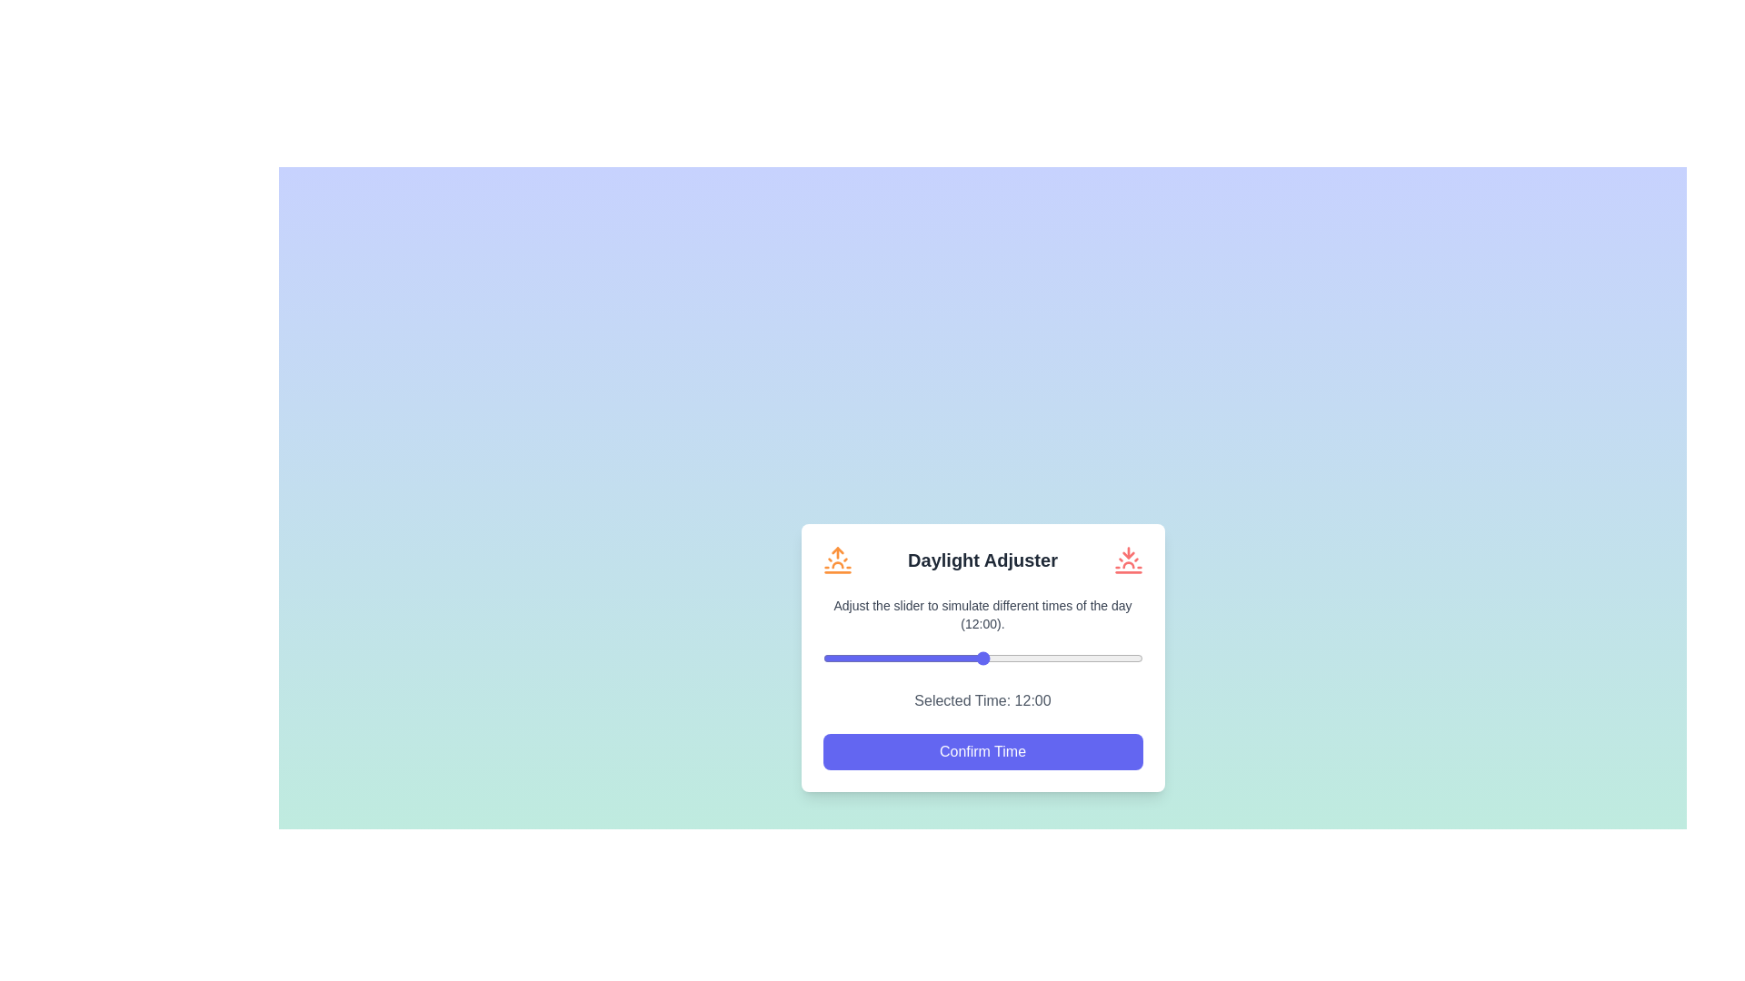 Image resolution: width=1745 pixels, height=981 pixels. I want to click on the slider to set the time to 17, so click(1049, 658).